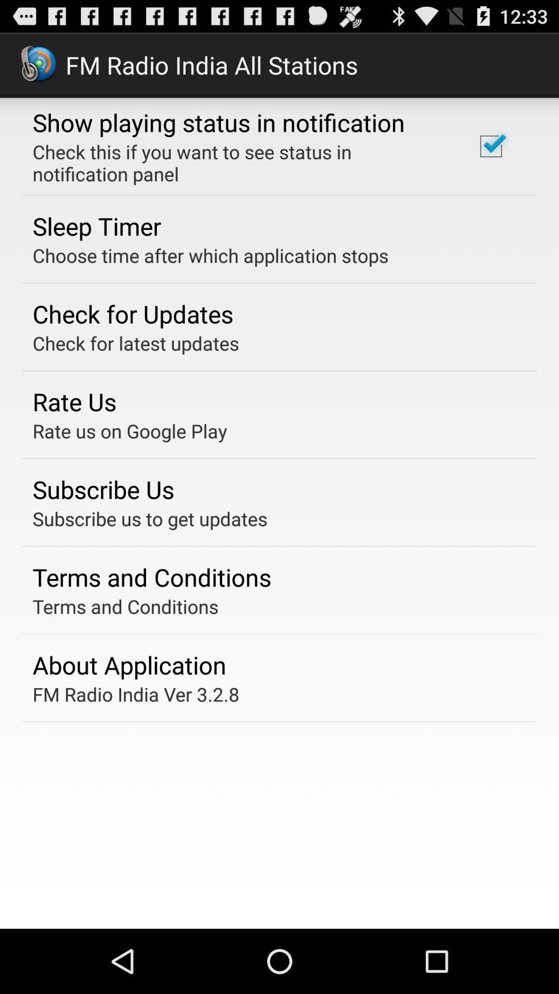 This screenshot has width=559, height=994. I want to click on the about application, so click(129, 665).